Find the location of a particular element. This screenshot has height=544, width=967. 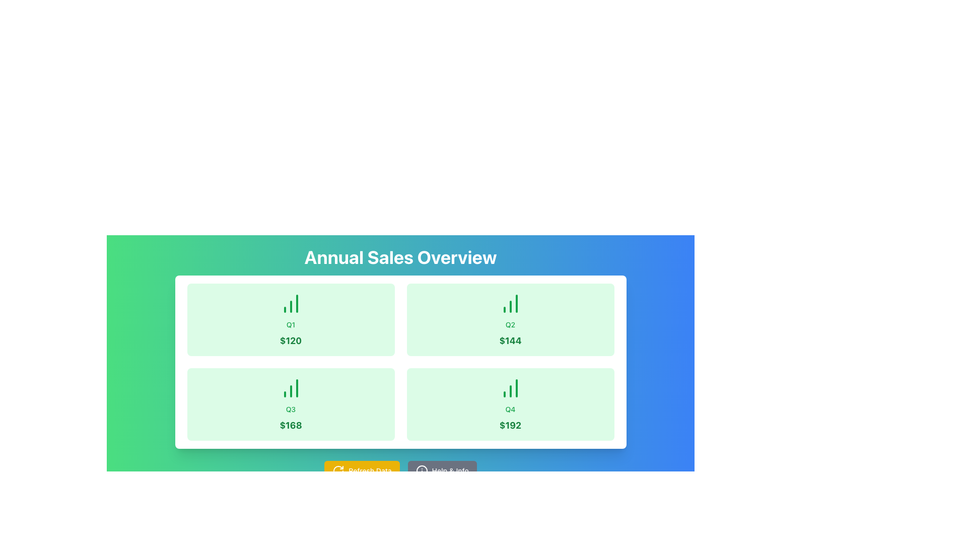

the green text reading 'Q4' which is centrally placed in the bottom-right card of the green-themed UI detailing quarterly sales information is located at coordinates (510, 410).